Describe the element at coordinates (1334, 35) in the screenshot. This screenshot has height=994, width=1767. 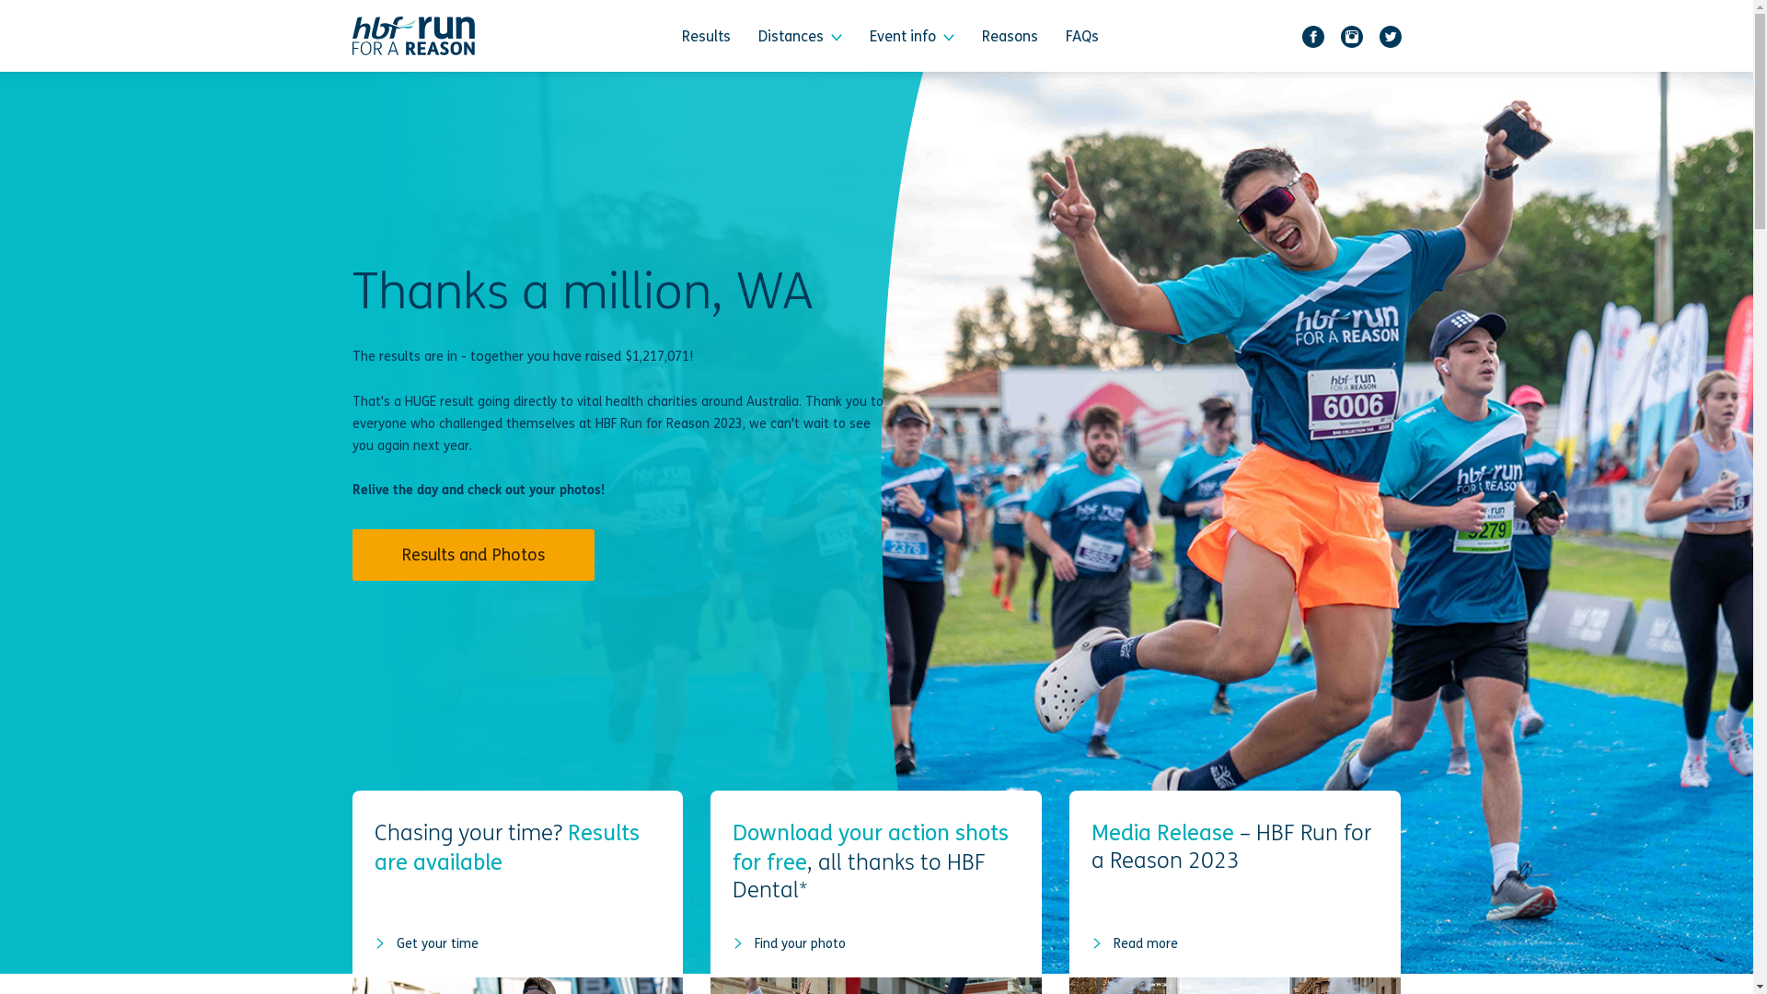
I see `'Instagram'` at that location.